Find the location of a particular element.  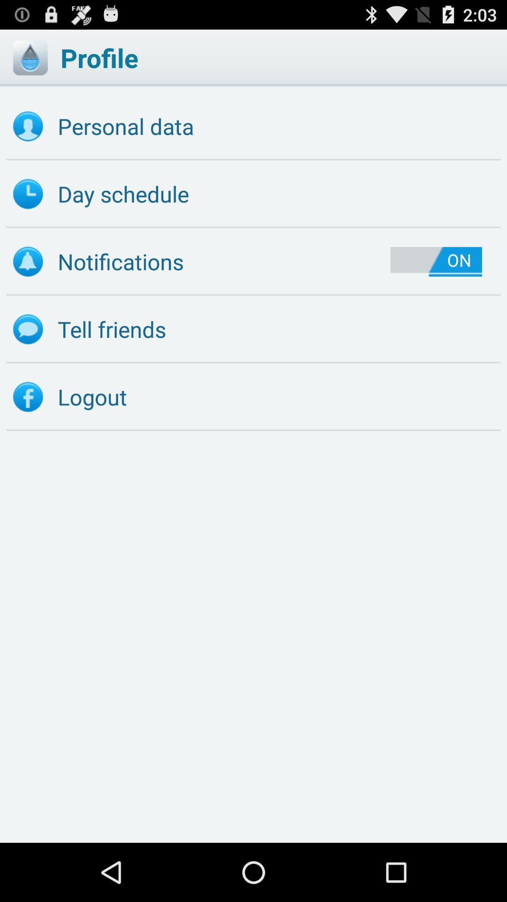

open profile details is located at coordinates (30, 57).